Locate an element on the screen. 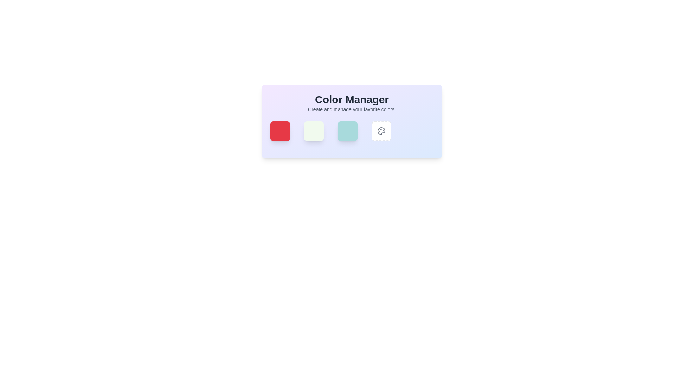 This screenshot has width=675, height=379. the second selectable color button with a light green background is located at coordinates (313, 131).